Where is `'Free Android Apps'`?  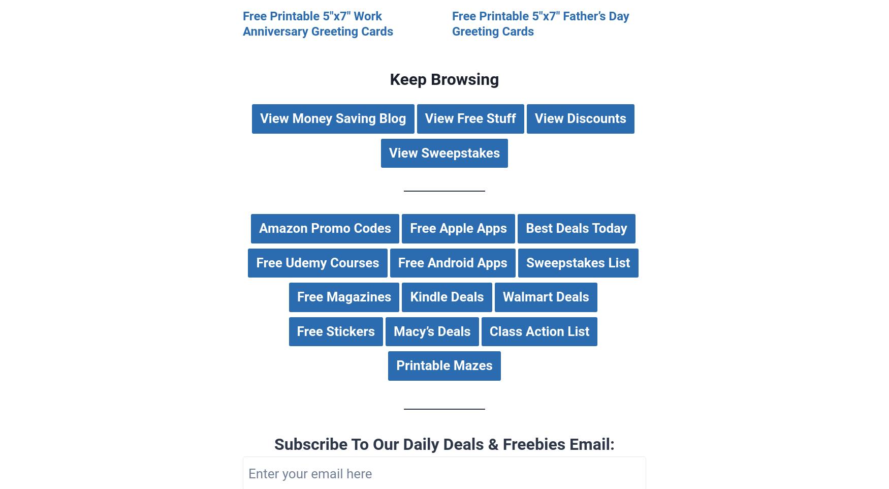
'Free Android Apps' is located at coordinates (452, 262).